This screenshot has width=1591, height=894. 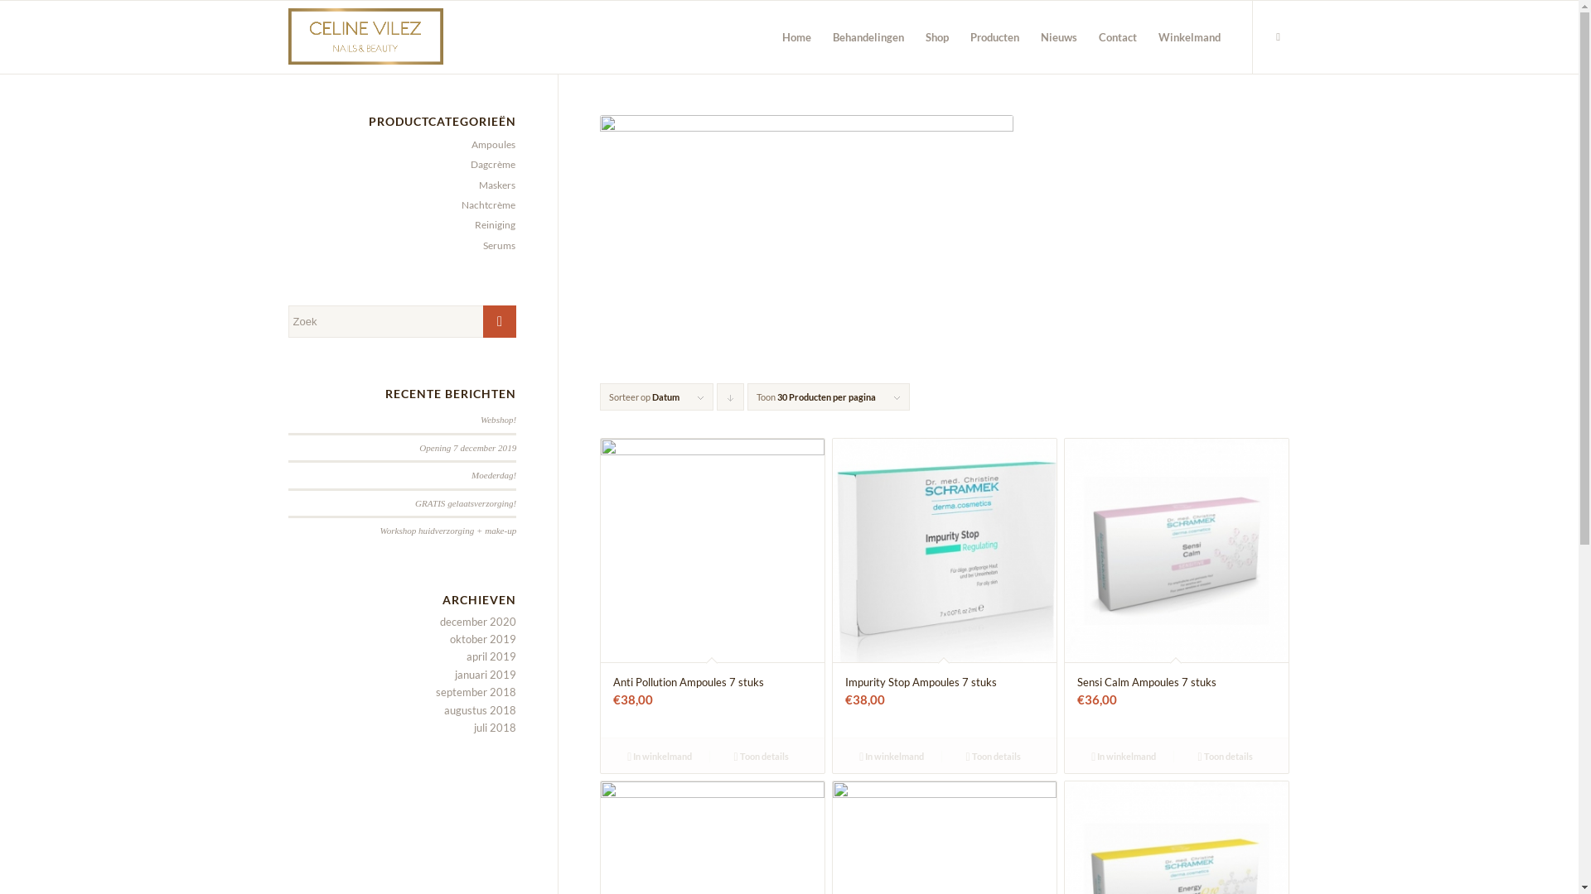 What do you see at coordinates (1187, 37) in the screenshot?
I see `'Winkelmand'` at bounding box center [1187, 37].